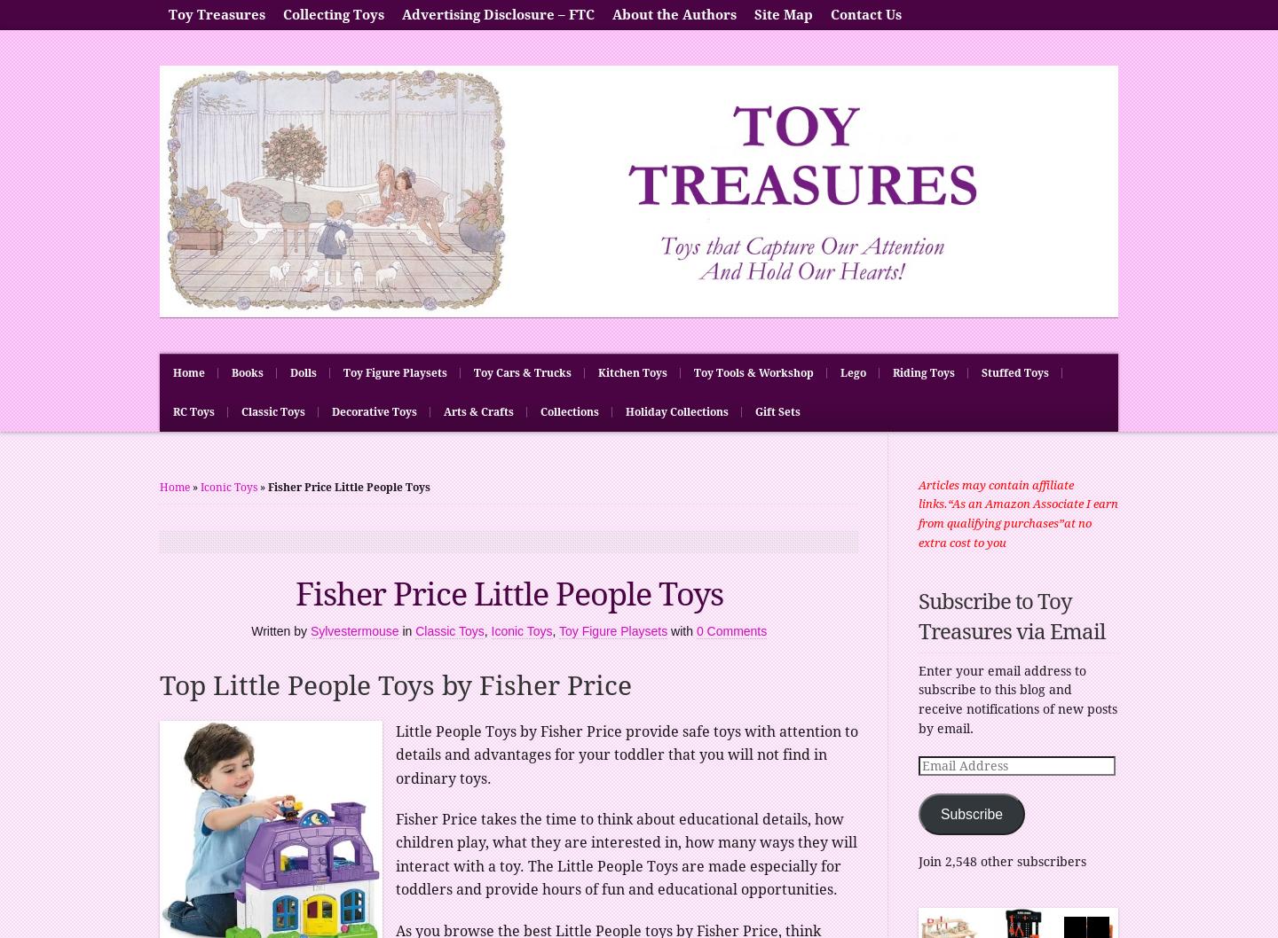 Image resolution: width=1278 pixels, height=938 pixels. What do you see at coordinates (375, 410) in the screenshot?
I see `'Decorative Toys'` at bounding box center [375, 410].